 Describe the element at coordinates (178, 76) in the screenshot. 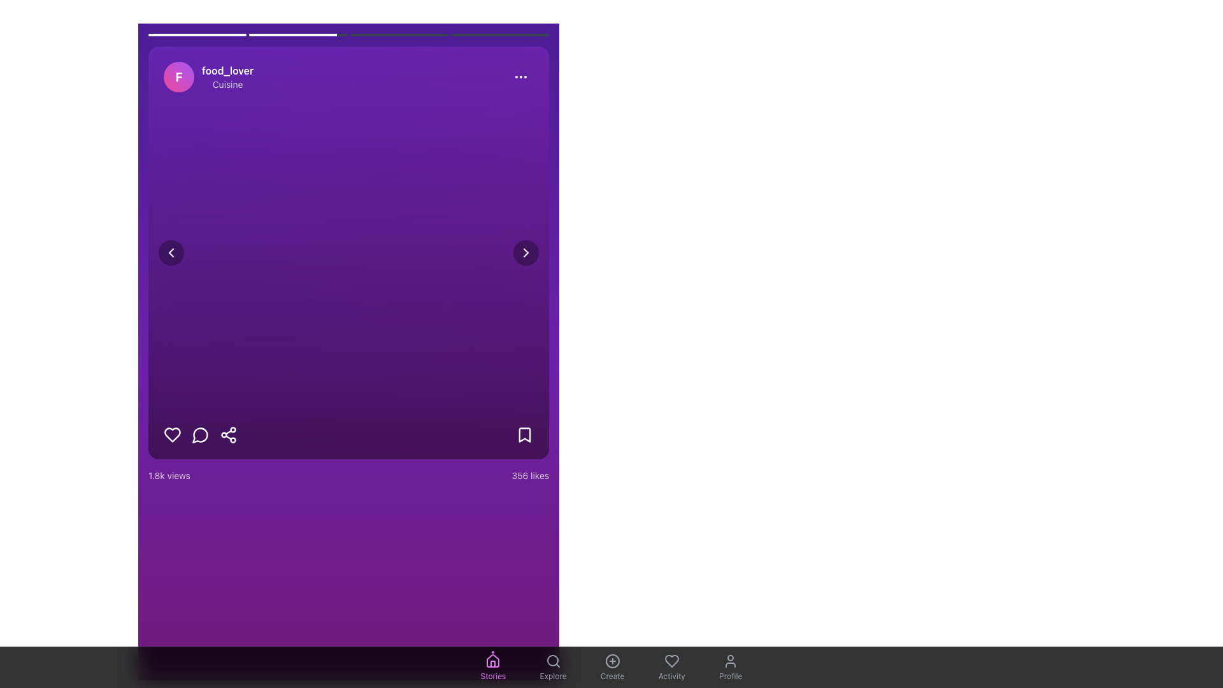

I see `the circular Avatar or Profile Icon displaying the letter 'F'` at that location.